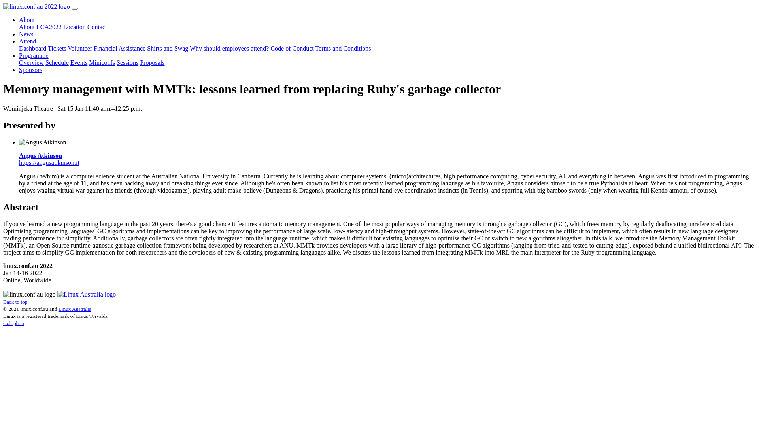 This screenshot has height=427, width=759. I want to click on 'News', so click(19, 34).